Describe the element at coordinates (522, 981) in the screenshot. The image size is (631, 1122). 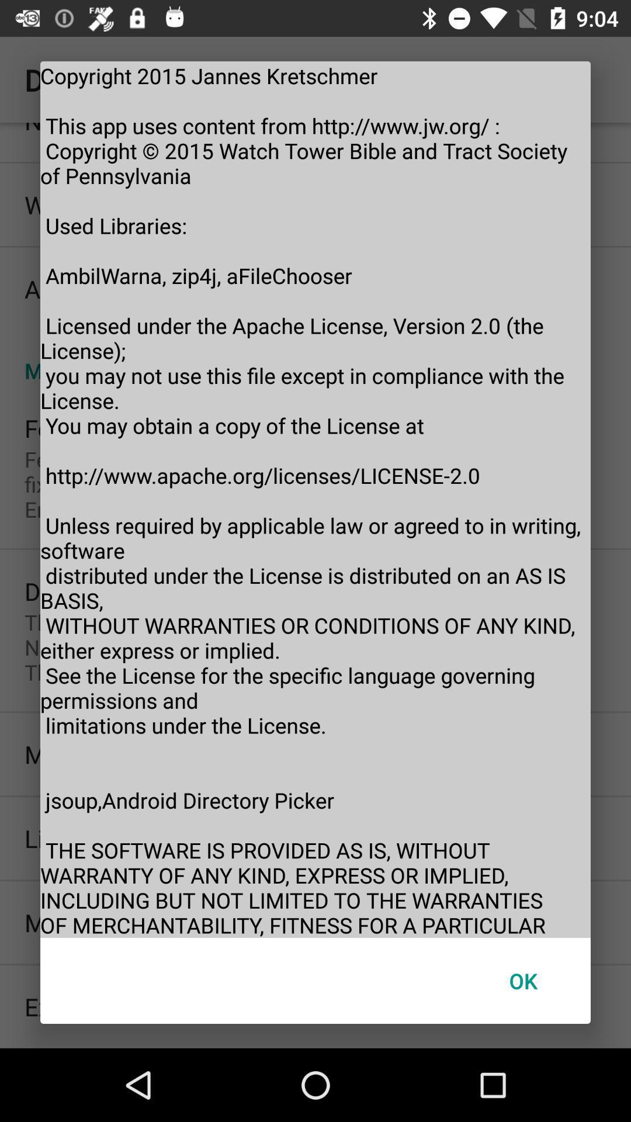
I see `the ok` at that location.